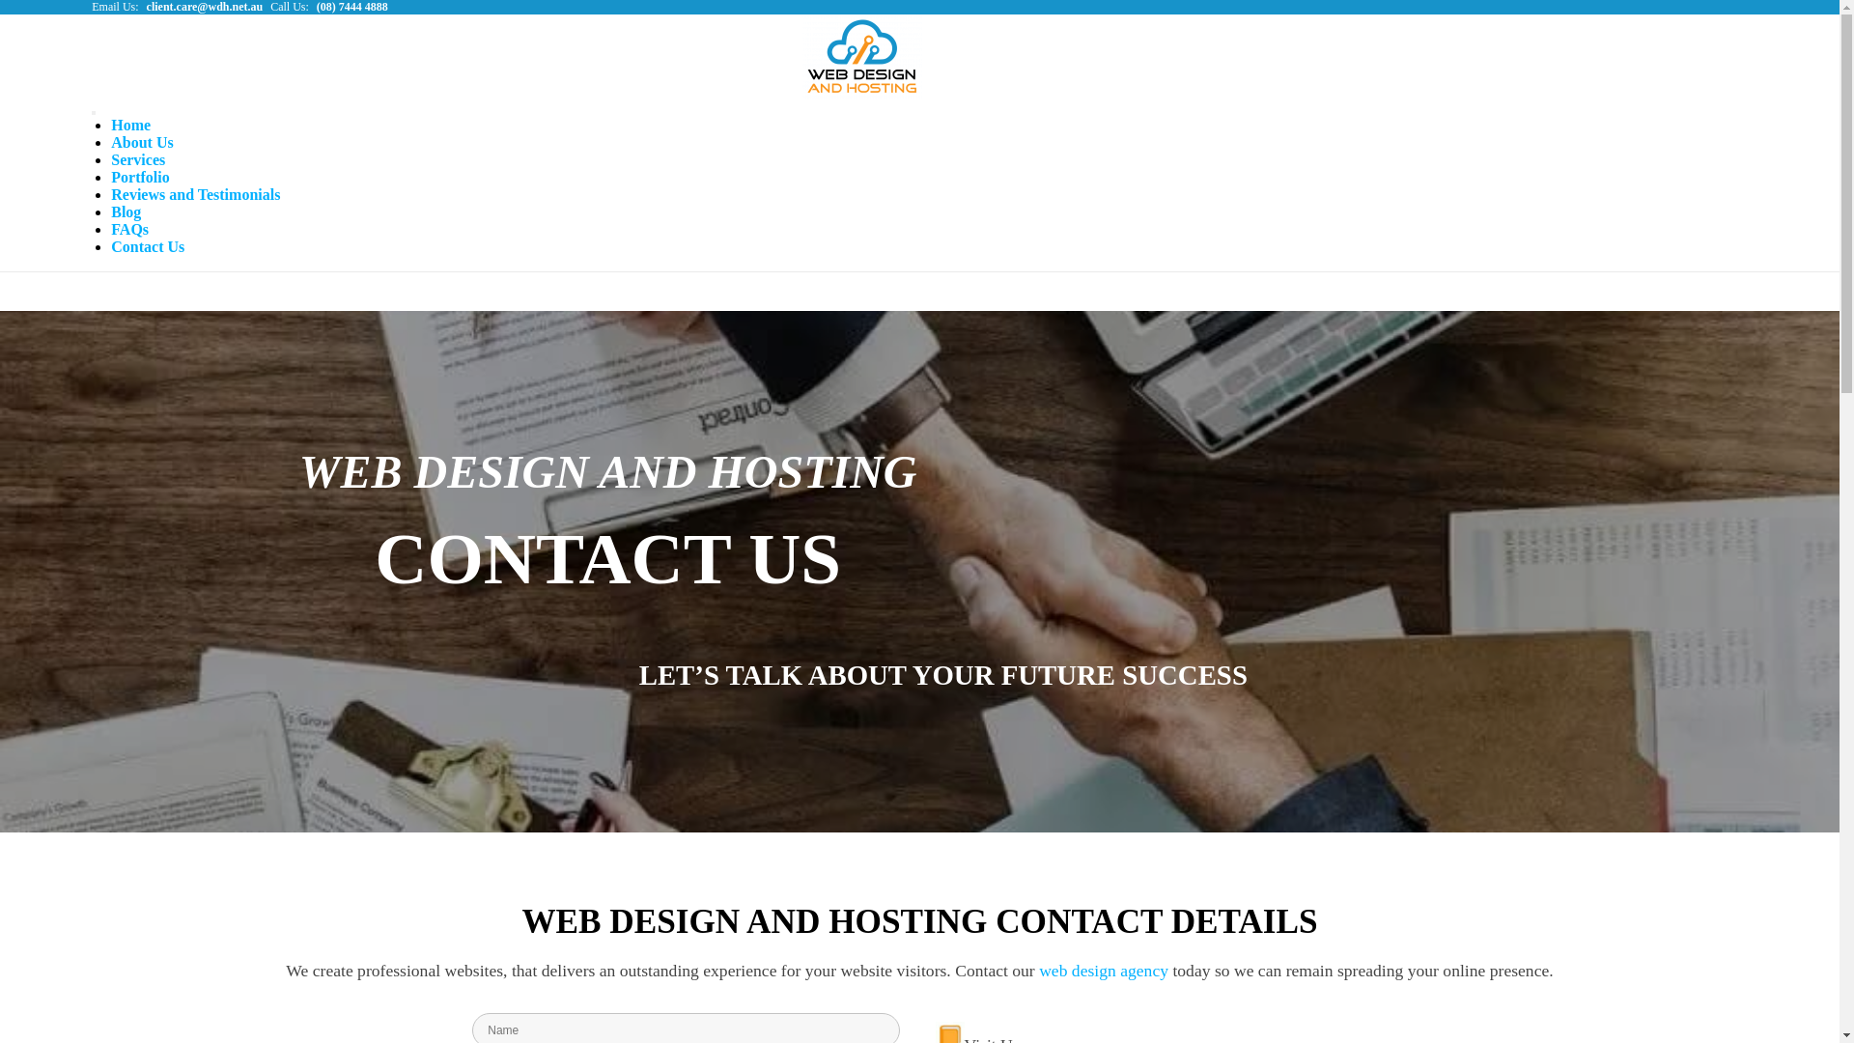  What do you see at coordinates (129, 125) in the screenshot?
I see `'Home'` at bounding box center [129, 125].